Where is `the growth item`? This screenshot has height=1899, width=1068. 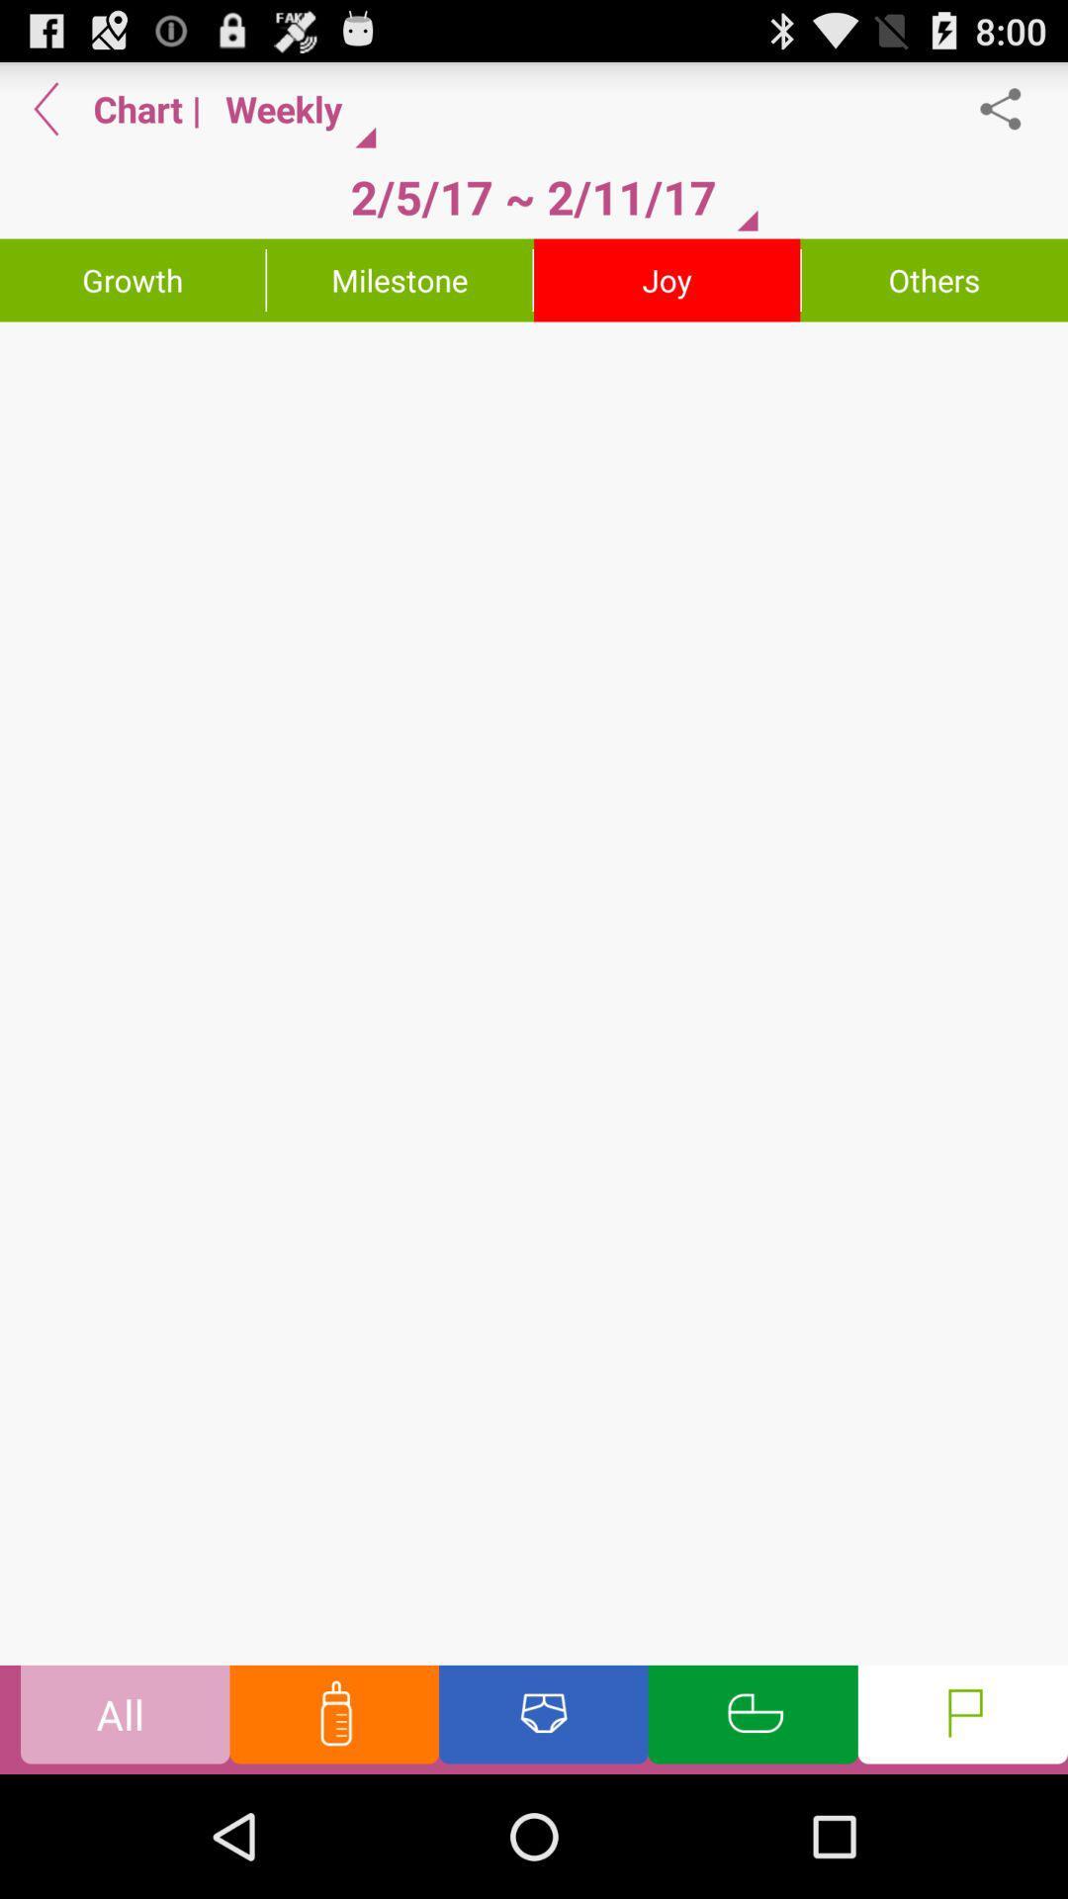
the growth item is located at coordinates (133, 279).